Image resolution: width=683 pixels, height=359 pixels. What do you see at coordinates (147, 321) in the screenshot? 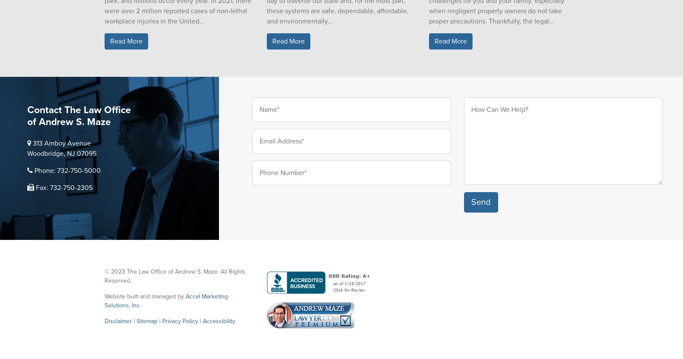
I see `'Sitemap'` at bounding box center [147, 321].